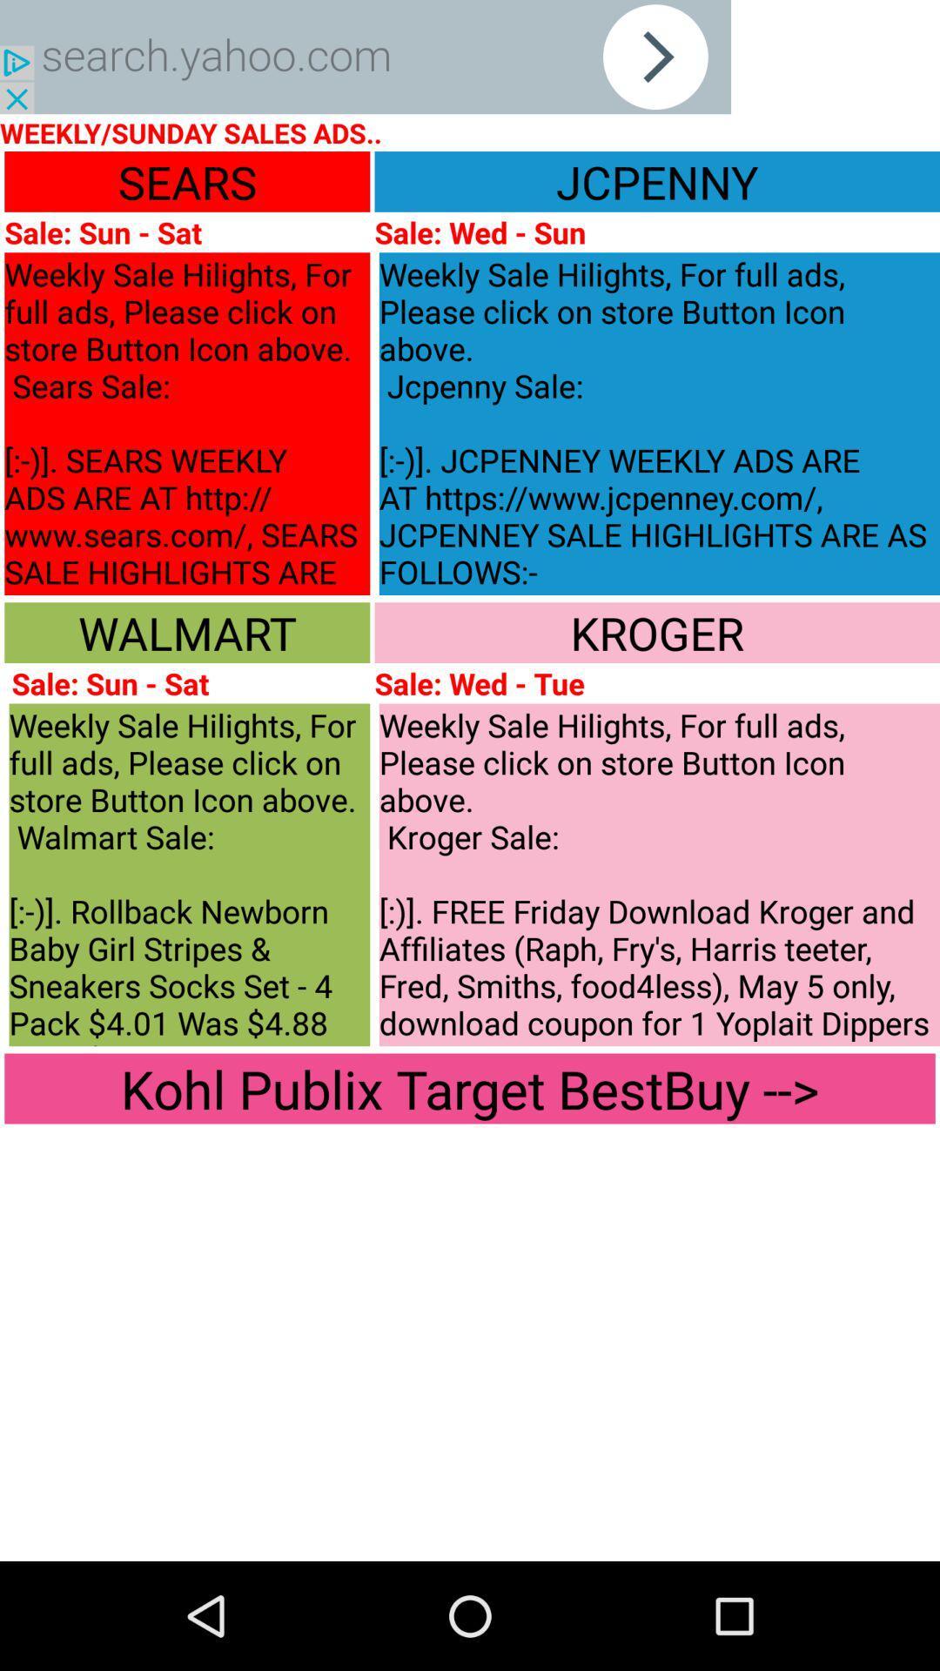  Describe the element at coordinates (365, 57) in the screenshot. I see `search option` at that location.